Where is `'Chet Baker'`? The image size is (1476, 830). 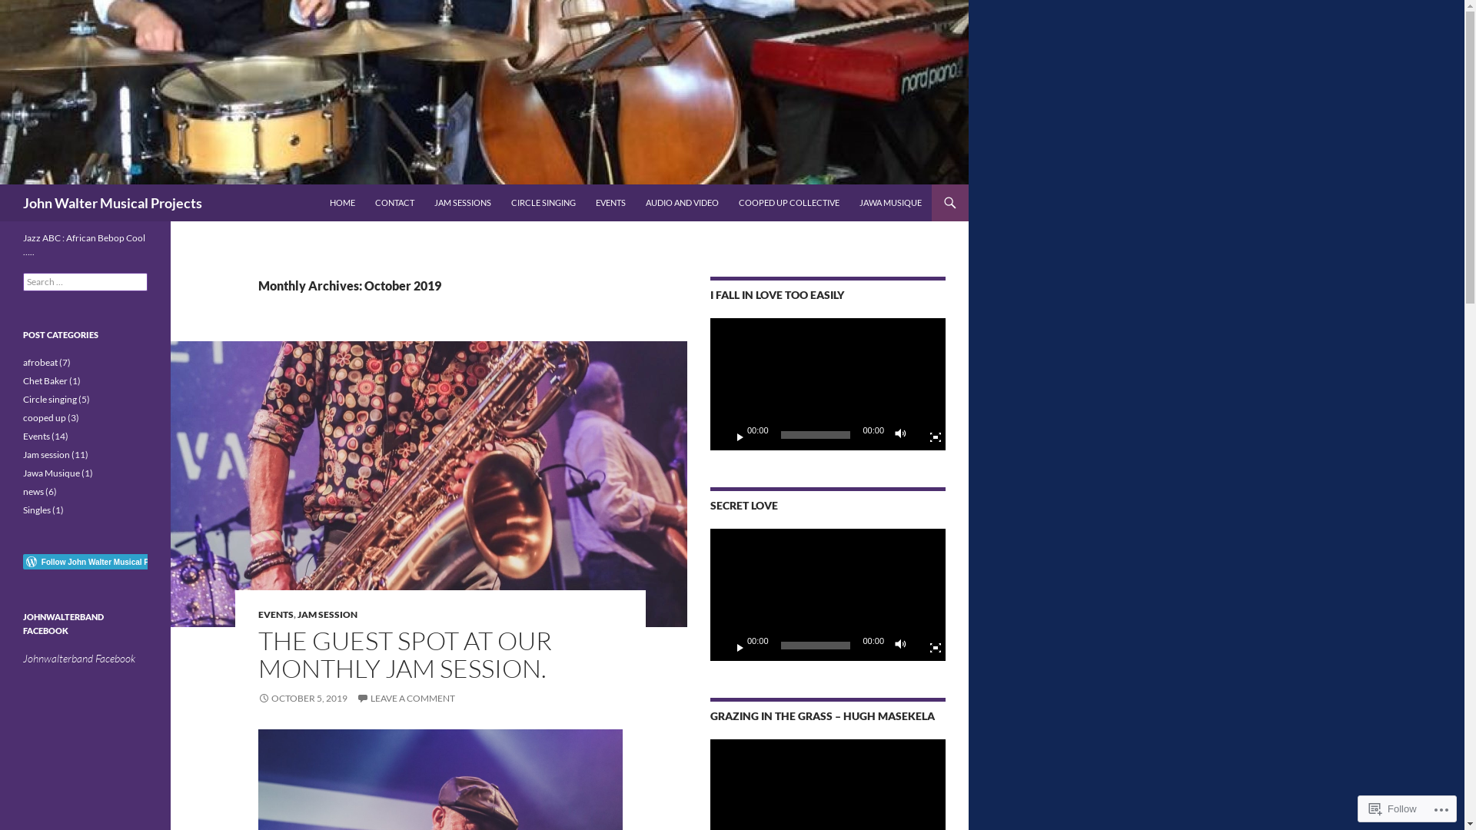 'Chet Baker' is located at coordinates (45, 380).